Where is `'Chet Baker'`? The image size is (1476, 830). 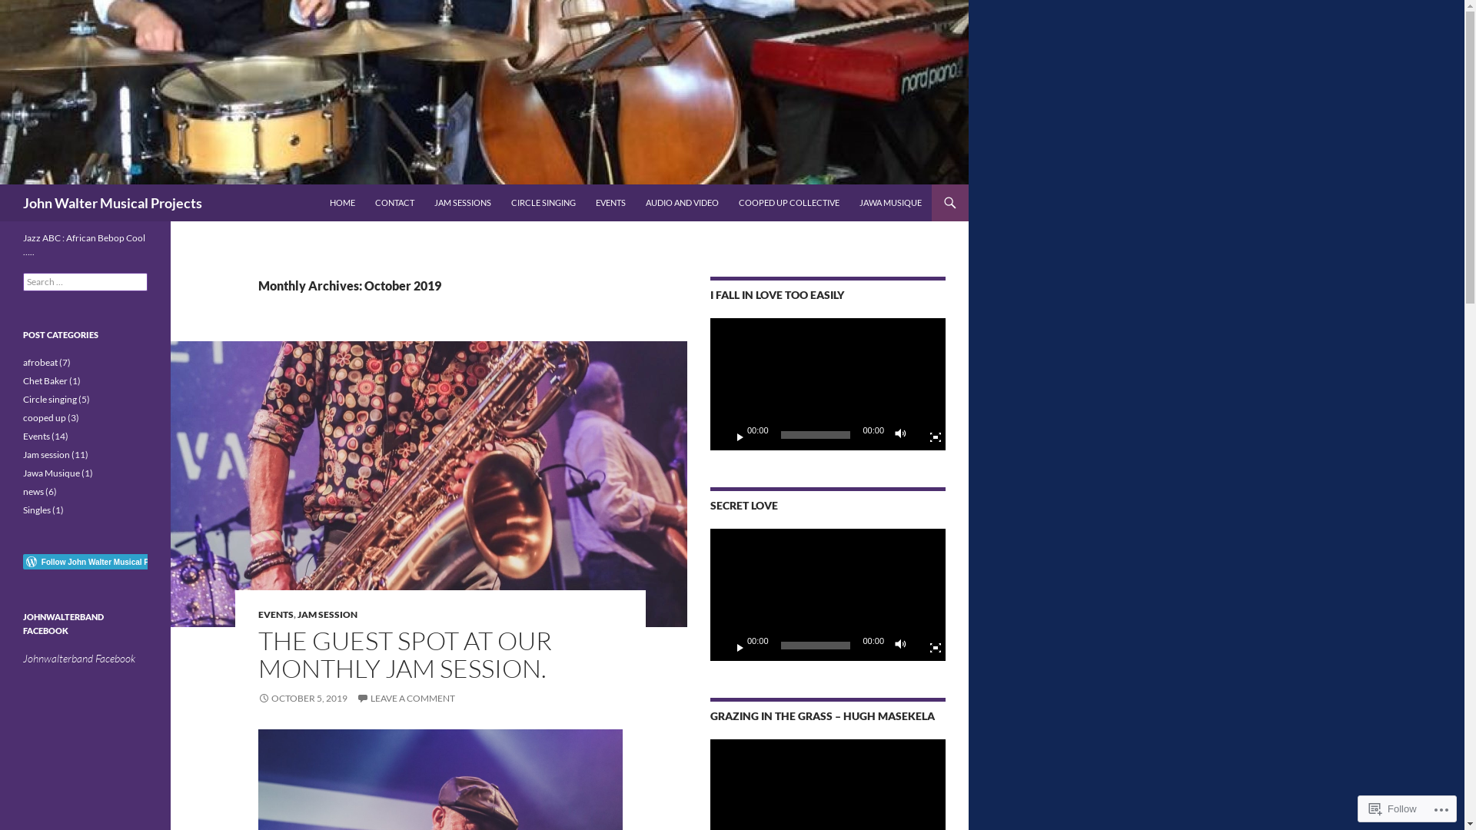 'Chet Baker' is located at coordinates (45, 380).